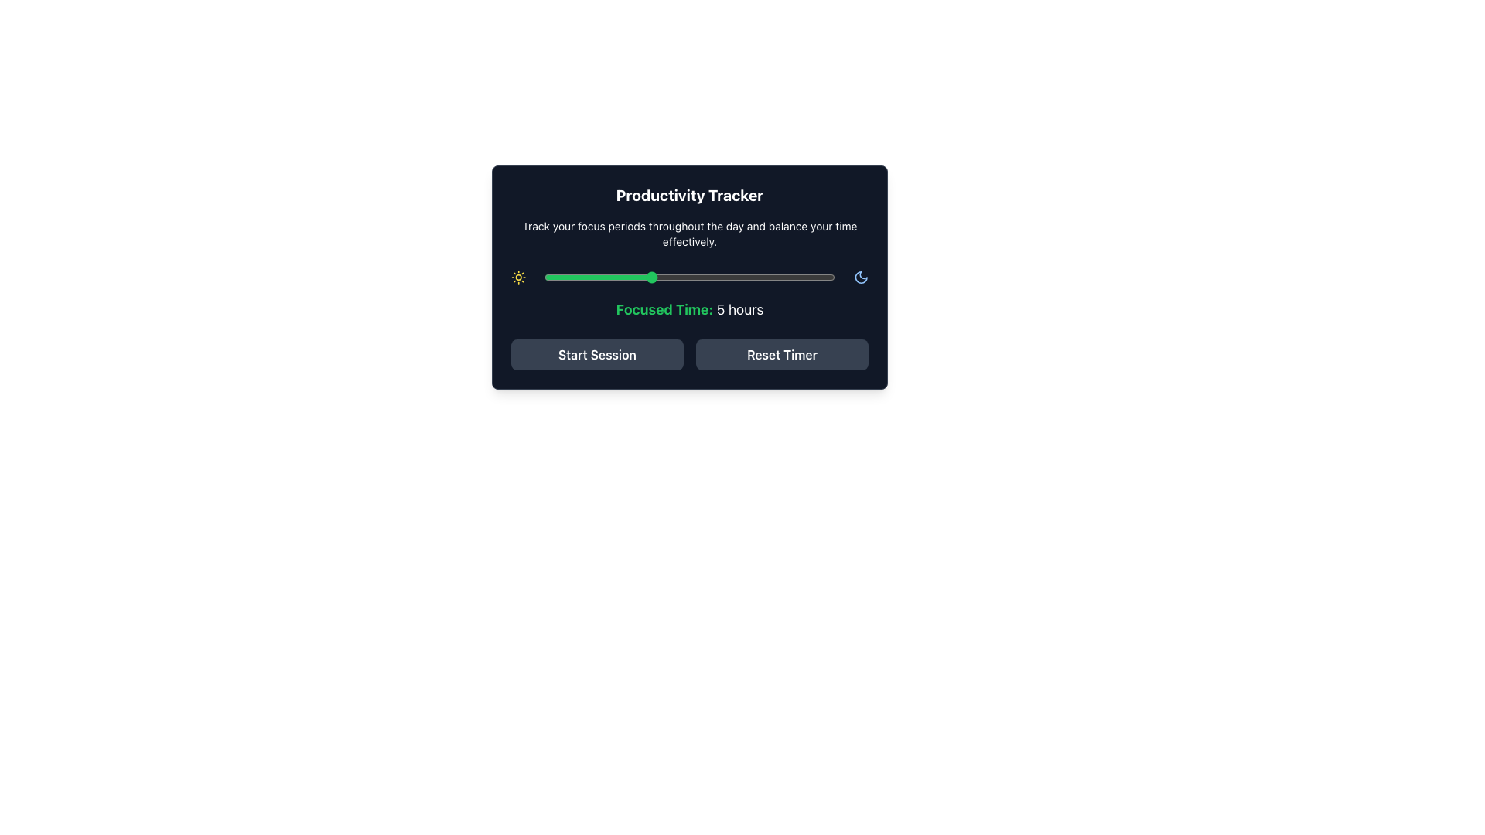 This screenshot has width=1485, height=835. What do you see at coordinates (729, 276) in the screenshot?
I see `the focus duration` at bounding box center [729, 276].